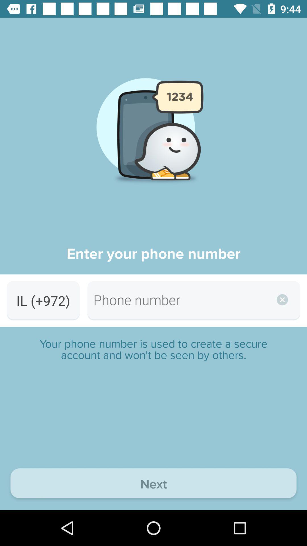 The width and height of the screenshot is (307, 546). Describe the element at coordinates (43, 300) in the screenshot. I see `il (+972) icon` at that location.